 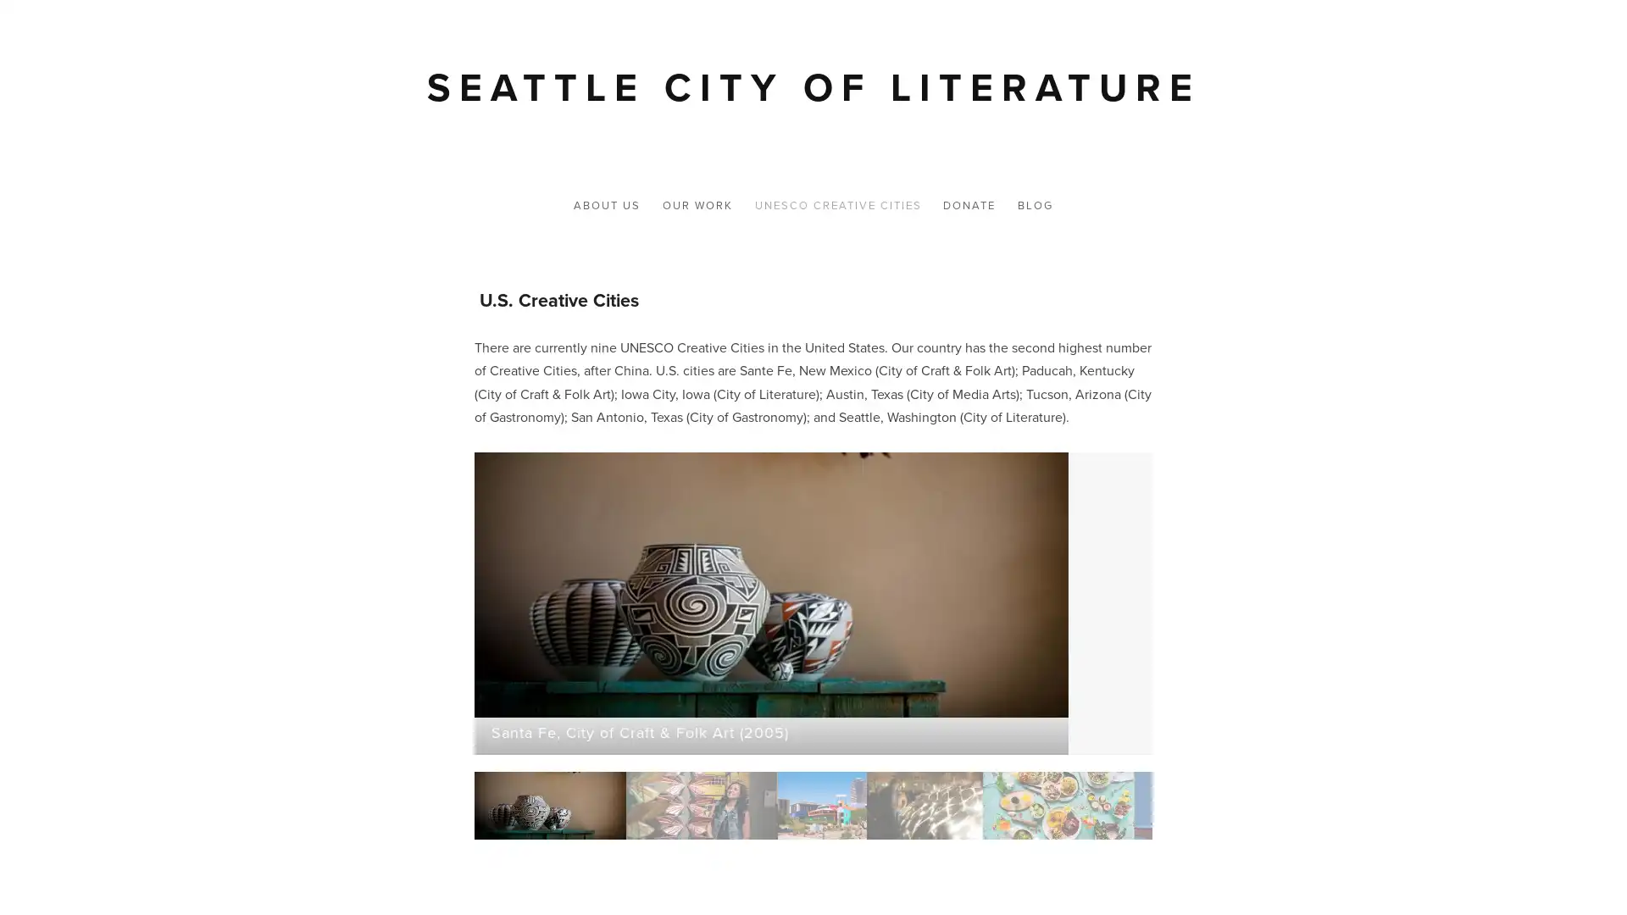 I want to click on Slide 2, so click(x=590, y=805).